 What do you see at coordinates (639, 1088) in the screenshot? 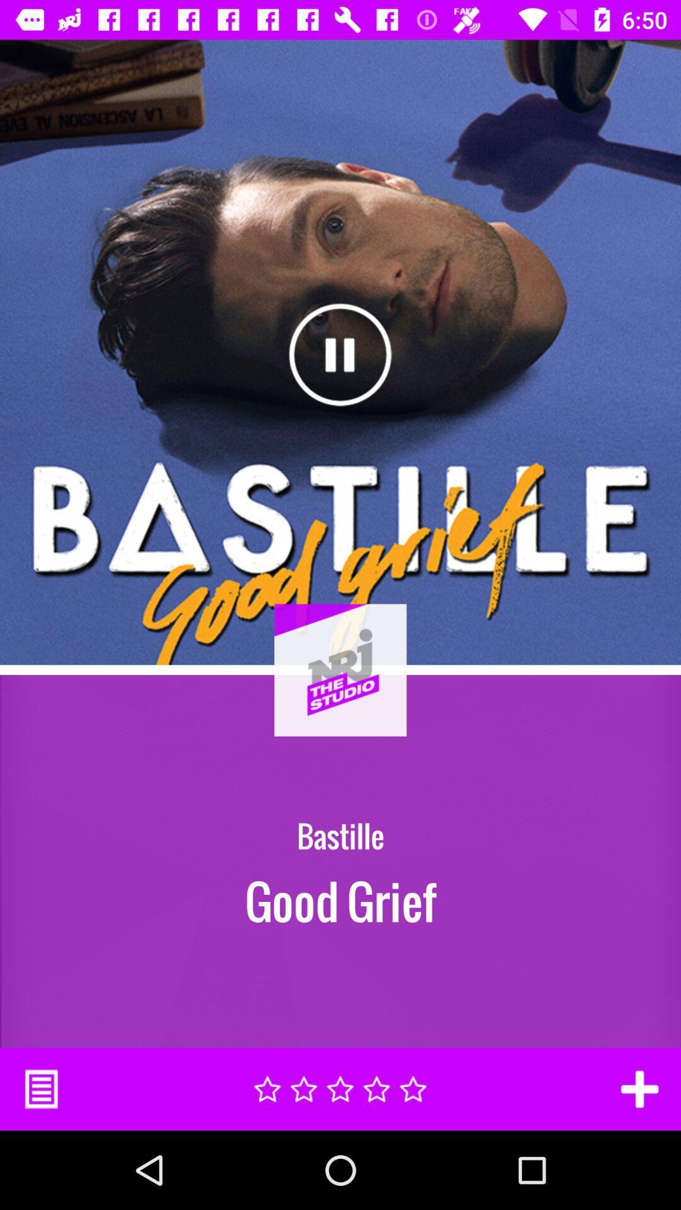
I see `the add icon` at bounding box center [639, 1088].